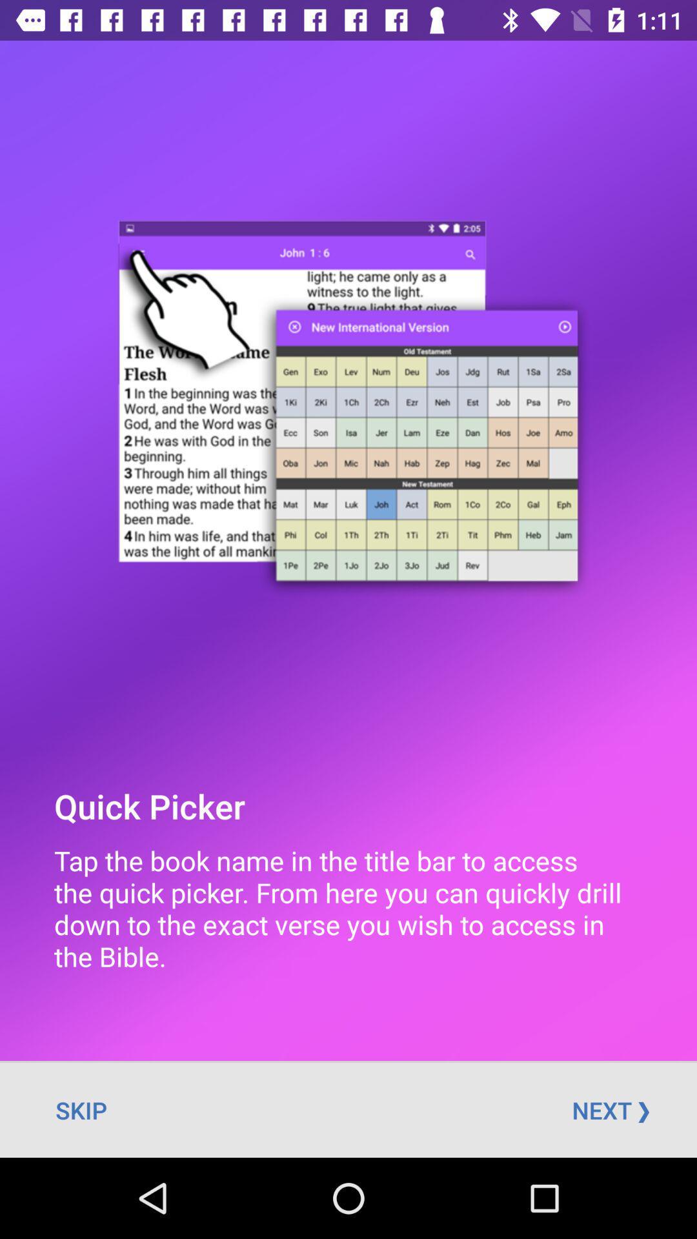 This screenshot has width=697, height=1239. I want to click on skip at the bottom left corner, so click(81, 1109).